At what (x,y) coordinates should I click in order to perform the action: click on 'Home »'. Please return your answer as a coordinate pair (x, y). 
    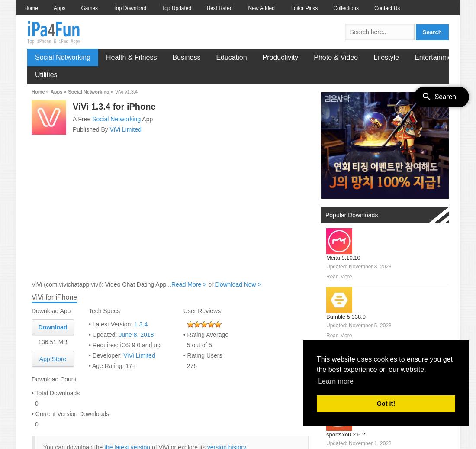
    Looking at the image, I should click on (40, 91).